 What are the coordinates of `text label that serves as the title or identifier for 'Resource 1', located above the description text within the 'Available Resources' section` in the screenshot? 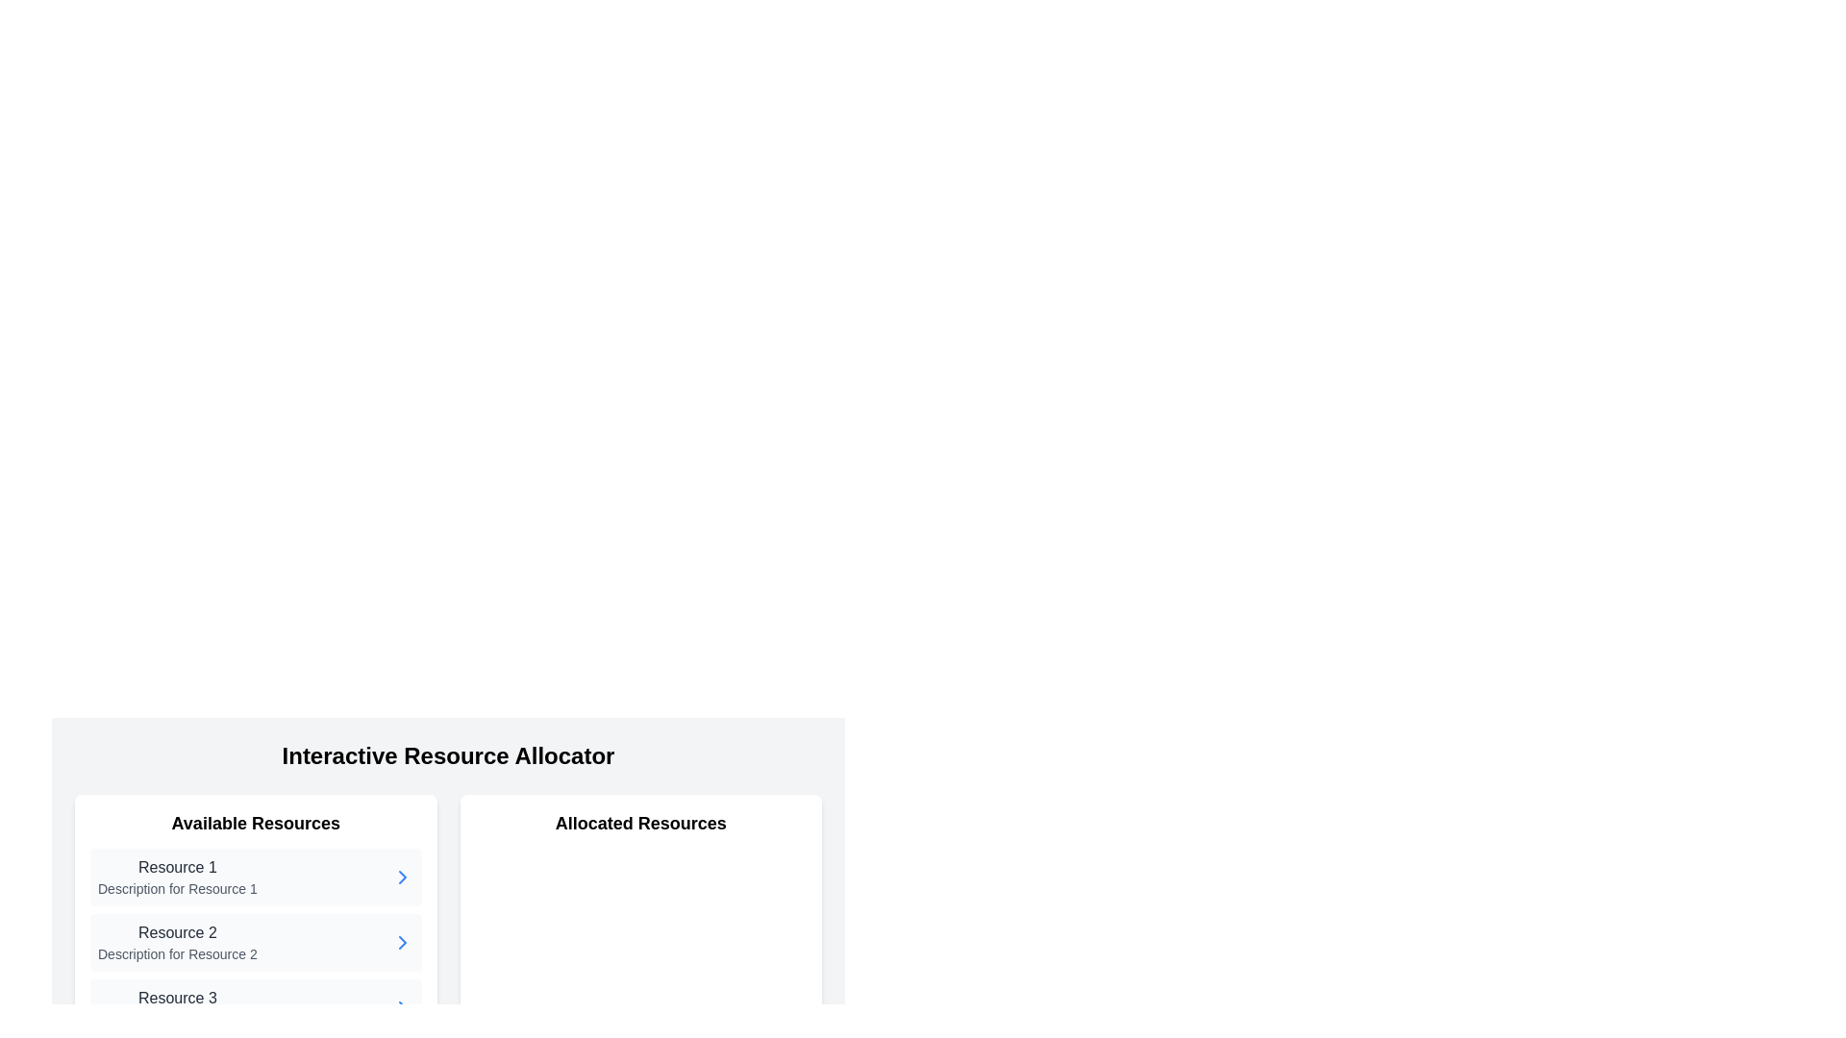 It's located at (177, 867).